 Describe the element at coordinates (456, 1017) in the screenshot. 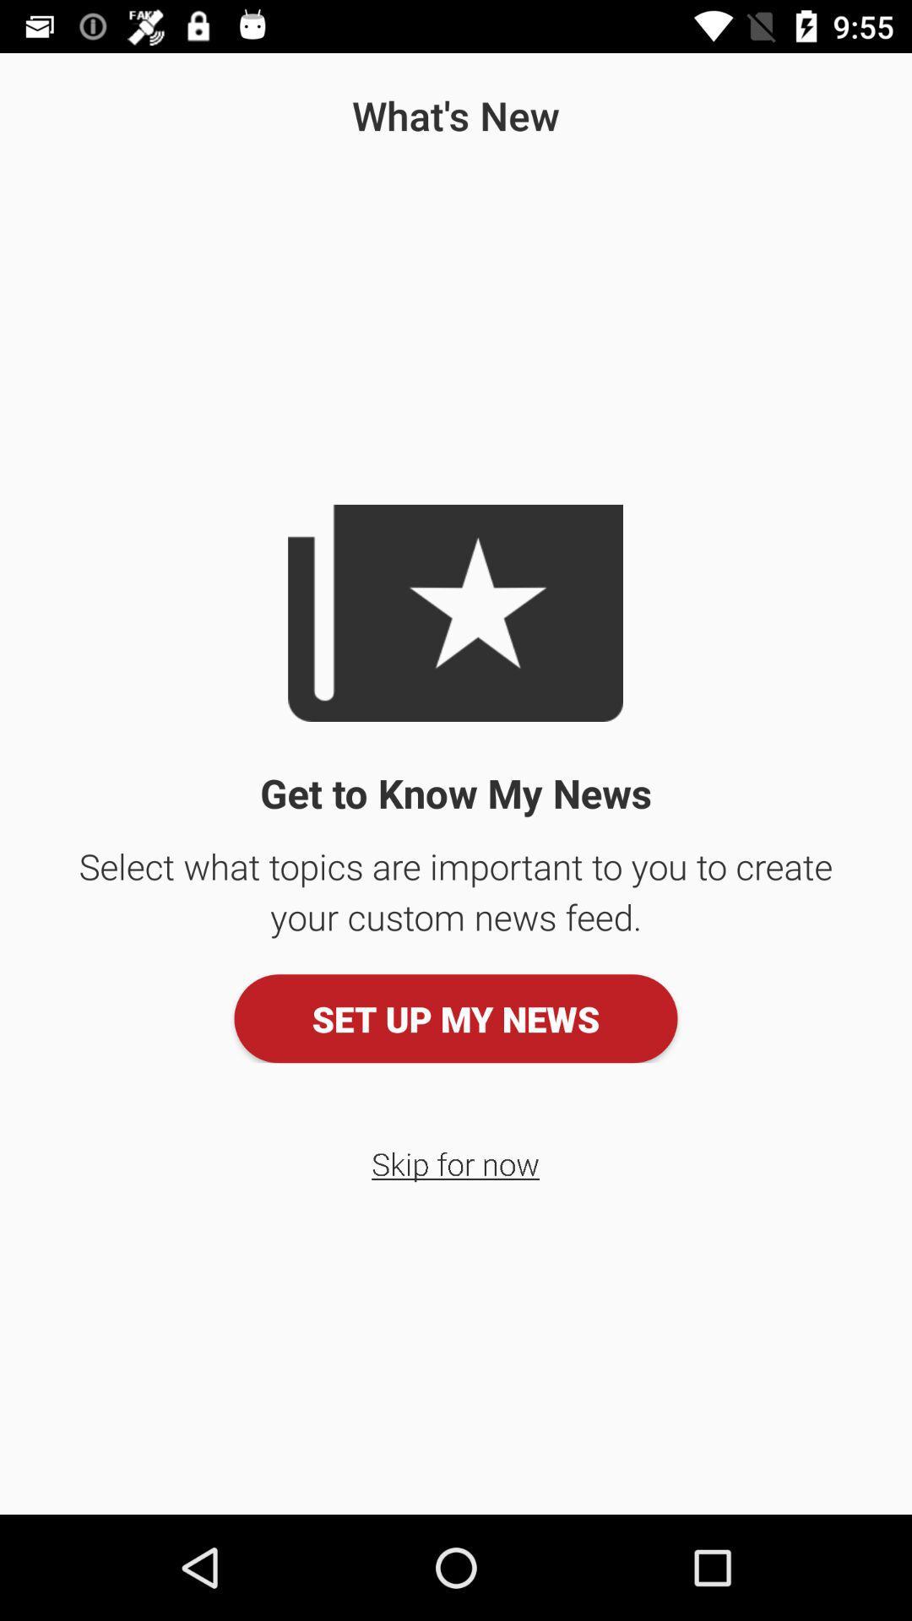

I see `the item above skip for now icon` at that location.